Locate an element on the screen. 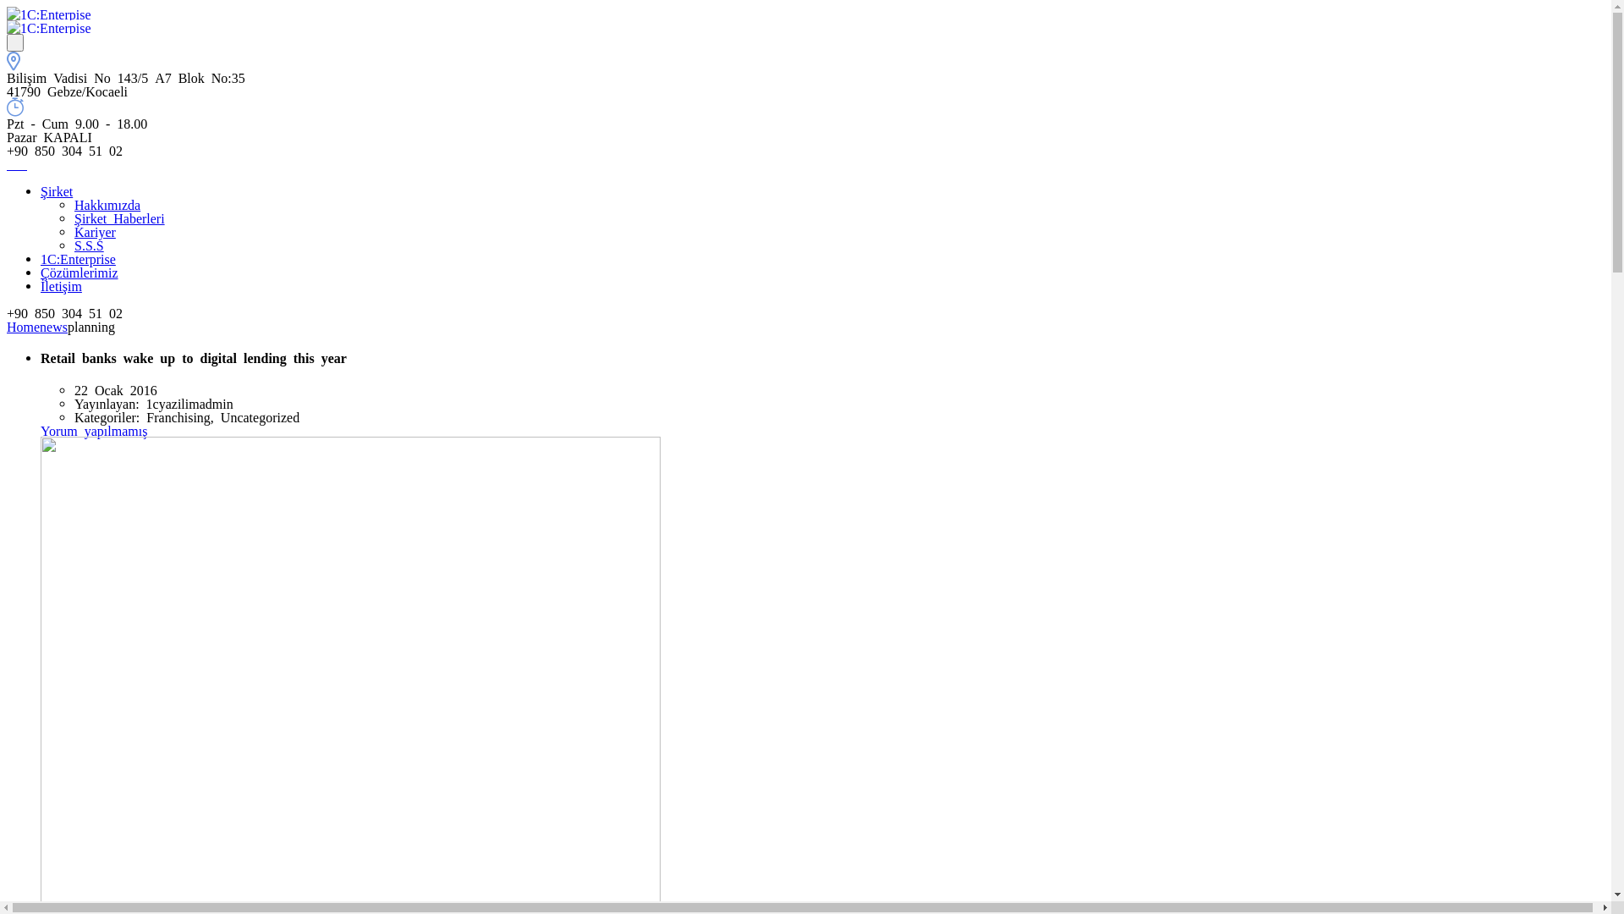 This screenshot has width=1624, height=914. ' ' is located at coordinates (15, 41).